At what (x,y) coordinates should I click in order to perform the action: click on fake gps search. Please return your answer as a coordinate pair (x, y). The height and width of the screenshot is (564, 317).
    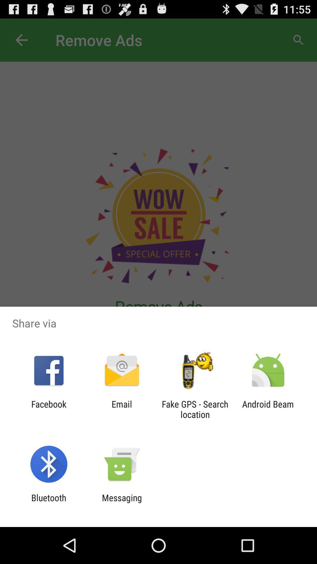
    Looking at the image, I should click on (195, 409).